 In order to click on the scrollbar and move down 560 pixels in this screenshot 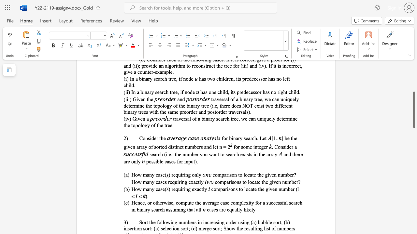, I will do `click(413, 109)`.